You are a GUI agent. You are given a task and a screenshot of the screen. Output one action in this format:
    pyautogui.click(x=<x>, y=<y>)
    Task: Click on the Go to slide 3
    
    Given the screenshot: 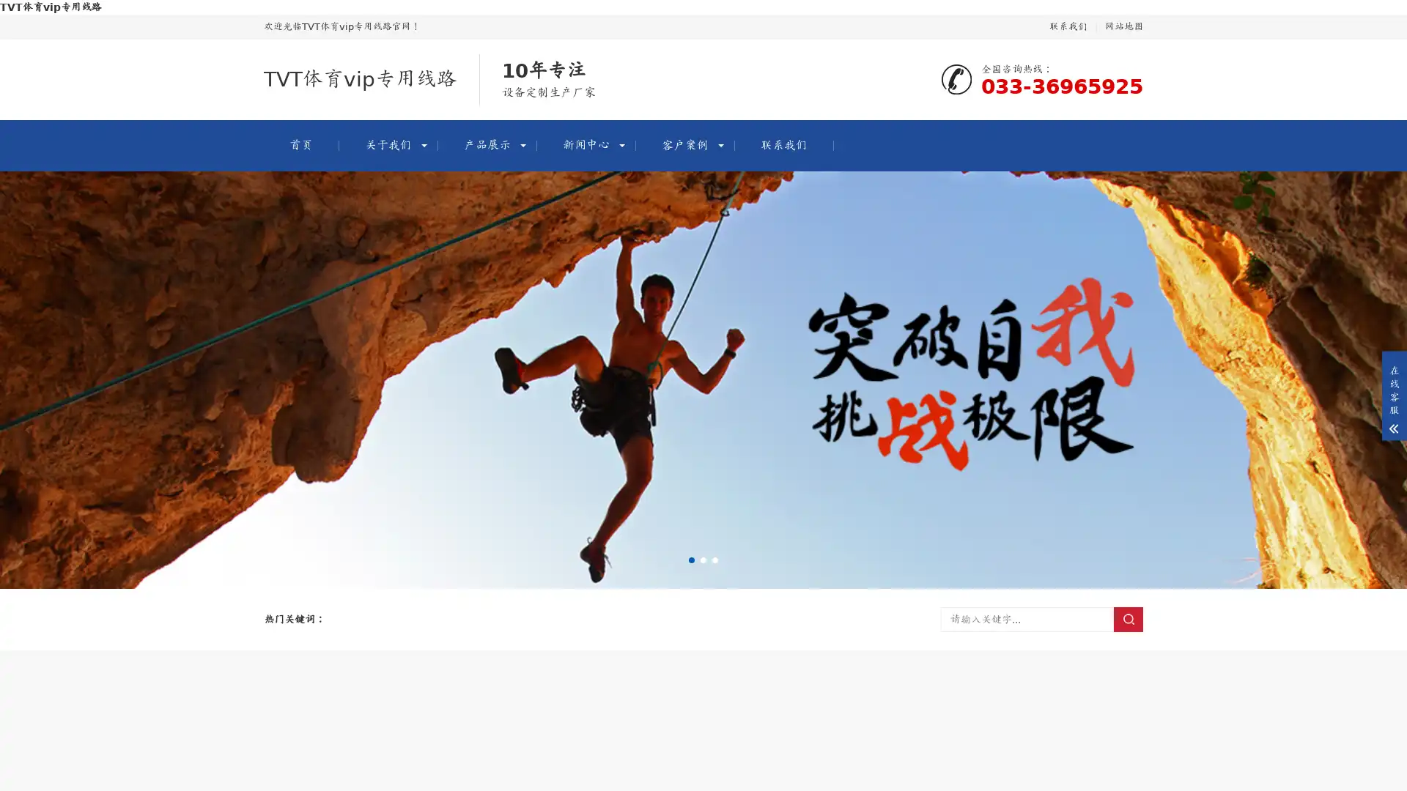 What is the action you would take?
    pyautogui.click(x=714, y=560)
    